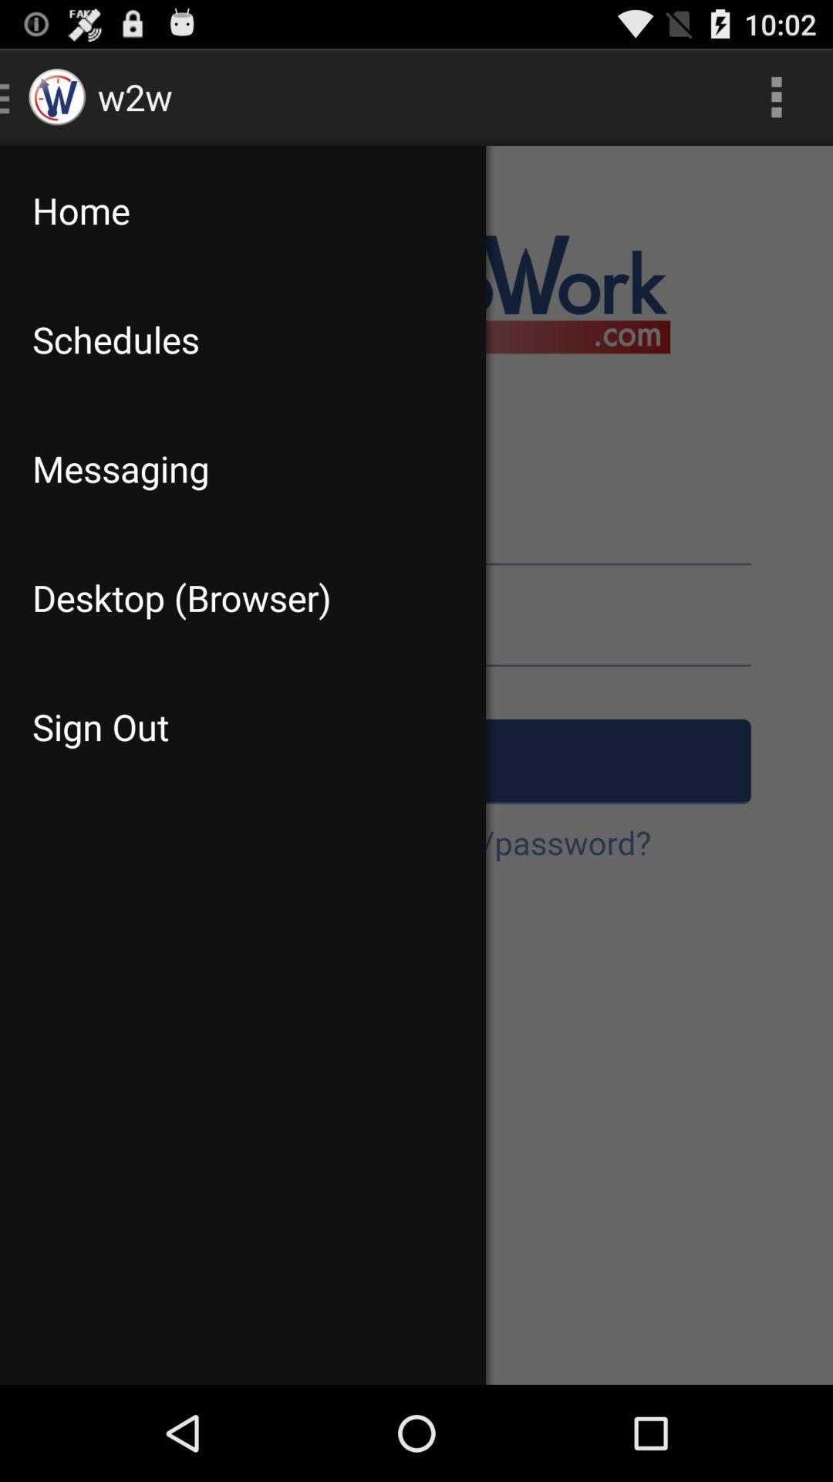 The height and width of the screenshot is (1482, 833). Describe the element at coordinates (776, 96) in the screenshot. I see `the app to the right of the home item` at that location.